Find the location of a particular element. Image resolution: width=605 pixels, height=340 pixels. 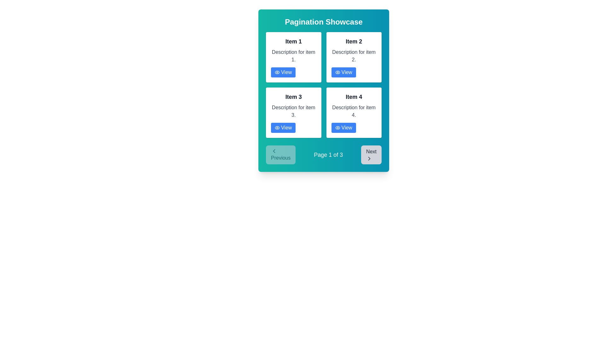

the text label containing 'Description for item 3.' styled in light gray color, positioned below 'Item 3' in the third item card of a grid layout is located at coordinates (293, 111).